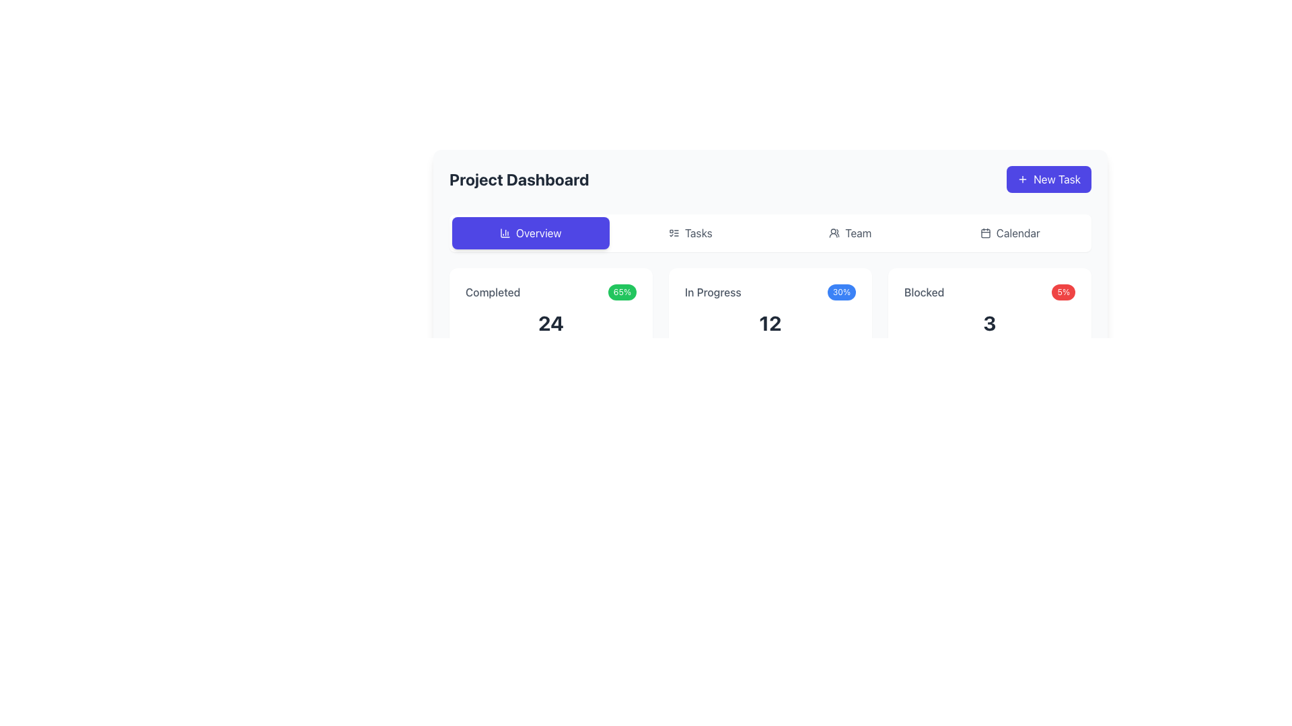  I want to click on the blue 'New Task' button with rounded edges and a plus icon to create a new task, so click(1048, 178).